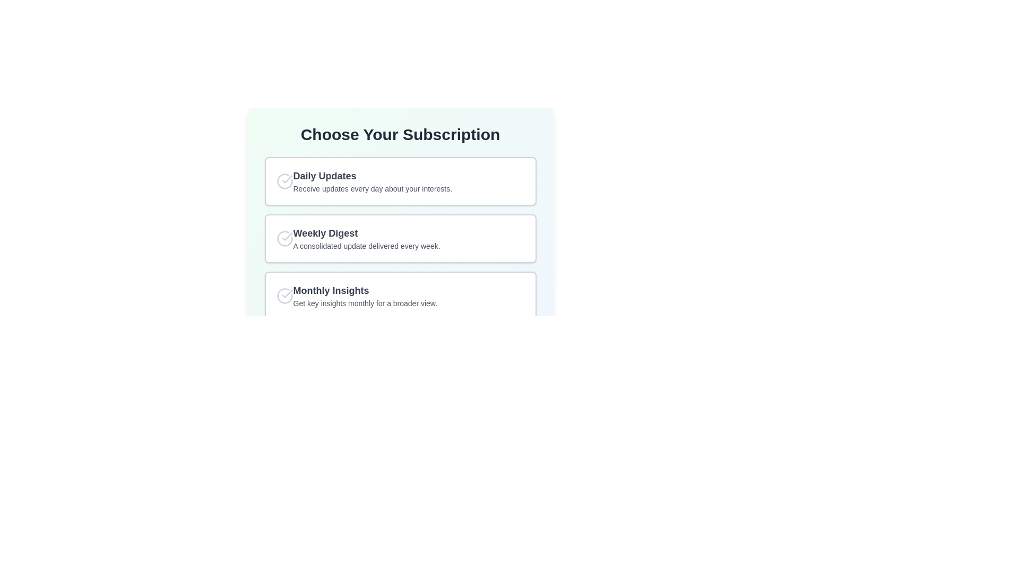 Image resolution: width=1019 pixels, height=573 pixels. I want to click on the tick mark icon associated with the 'Weekly Digest' subscription option, which is located to the left of the 'Weekly Digest' text, so click(287, 236).